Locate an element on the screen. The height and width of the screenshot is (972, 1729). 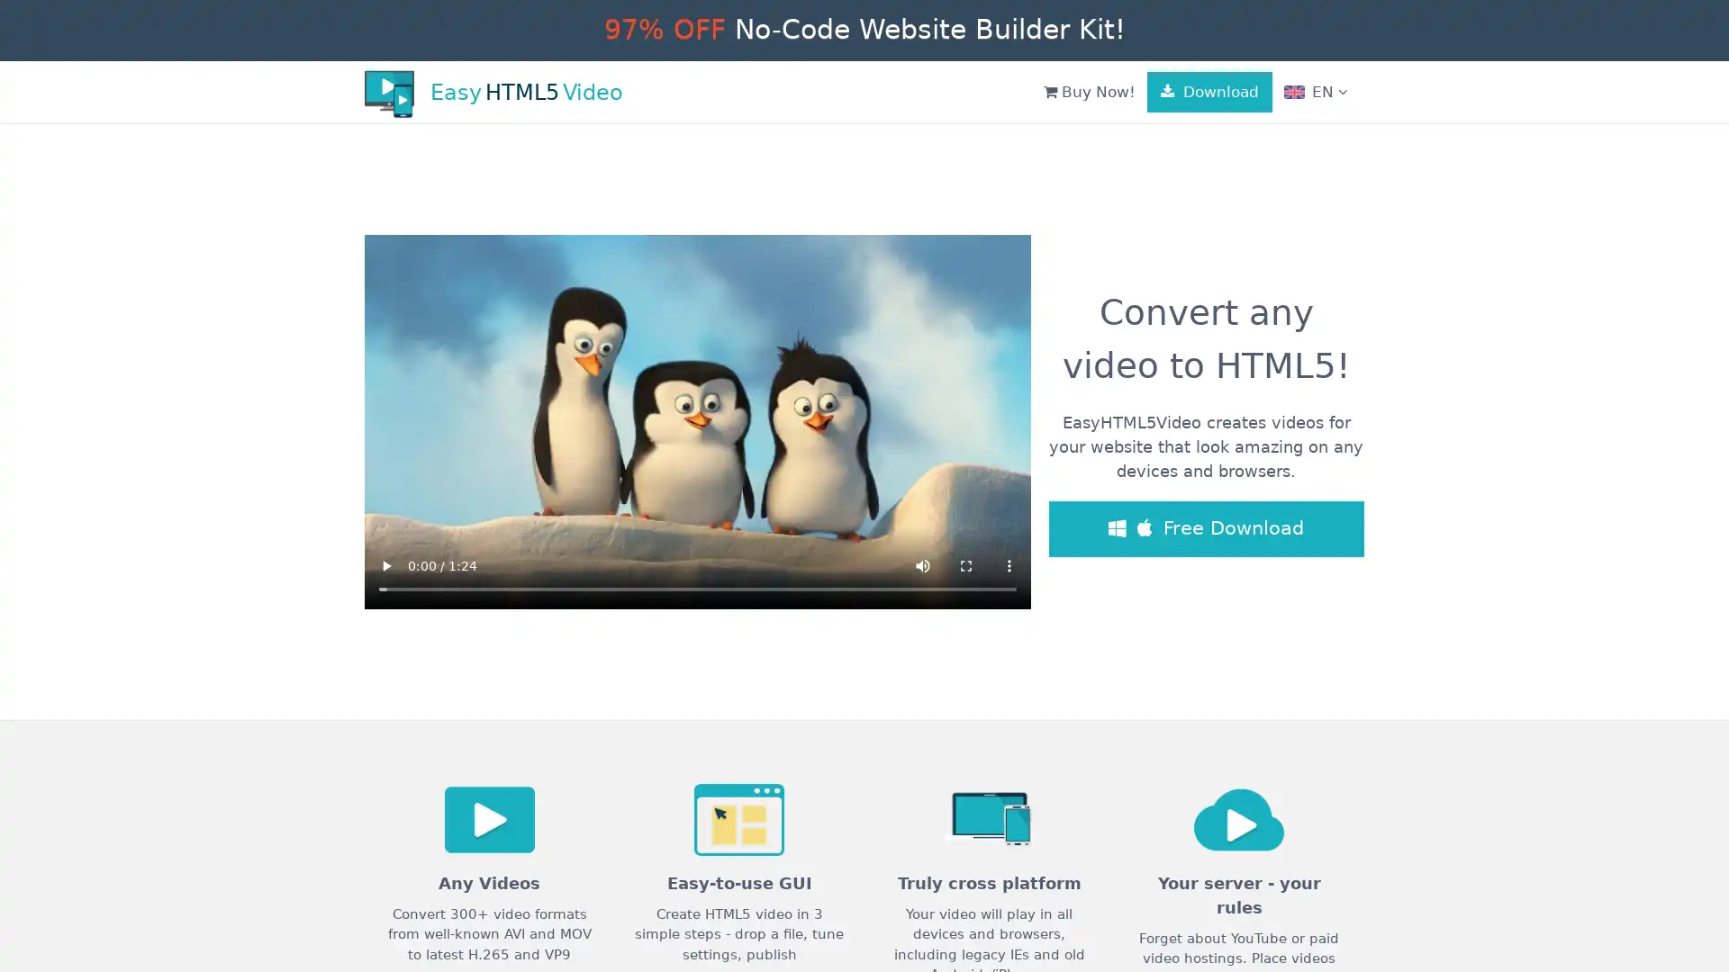
enter full screen is located at coordinates (965, 564).